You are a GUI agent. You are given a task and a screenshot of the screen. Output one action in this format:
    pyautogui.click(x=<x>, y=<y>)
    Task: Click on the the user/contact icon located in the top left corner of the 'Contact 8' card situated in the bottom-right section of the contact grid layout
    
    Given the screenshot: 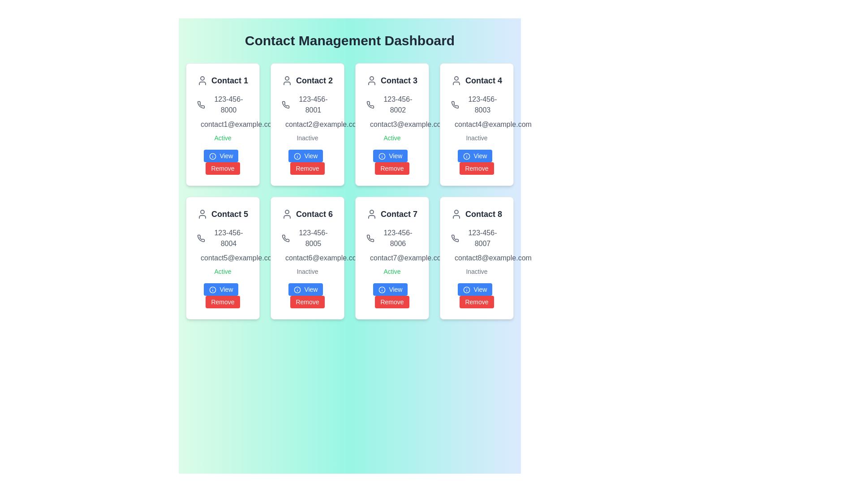 What is the action you would take?
    pyautogui.click(x=456, y=214)
    